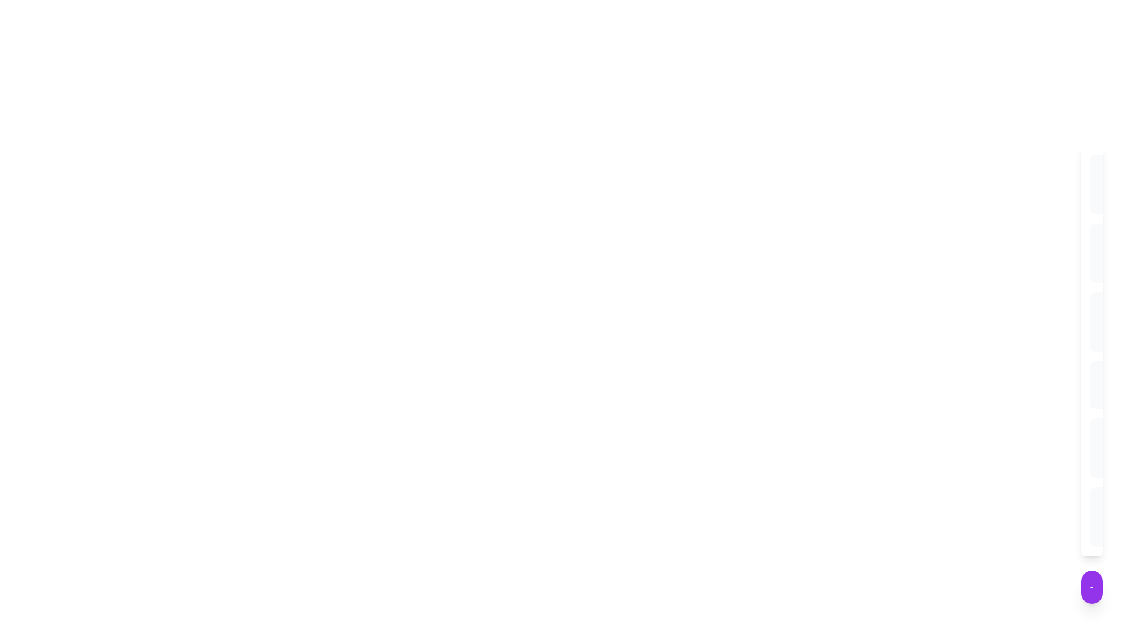 The image size is (1141, 642). Describe the element at coordinates (1092, 586) in the screenshot. I see `the toggle button to open or close the menu` at that location.